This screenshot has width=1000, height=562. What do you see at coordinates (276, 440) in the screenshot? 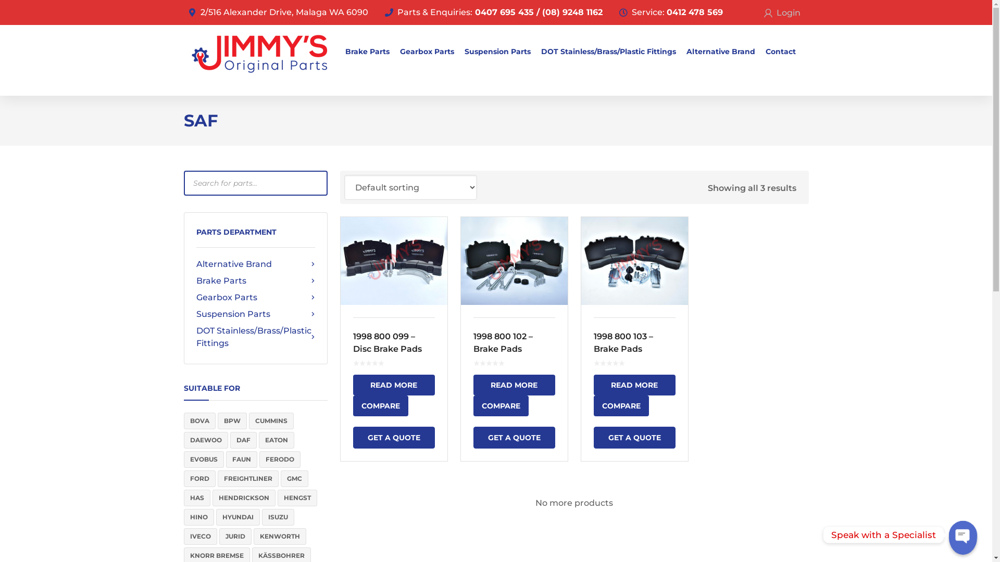
I see `'EATON'` at bounding box center [276, 440].